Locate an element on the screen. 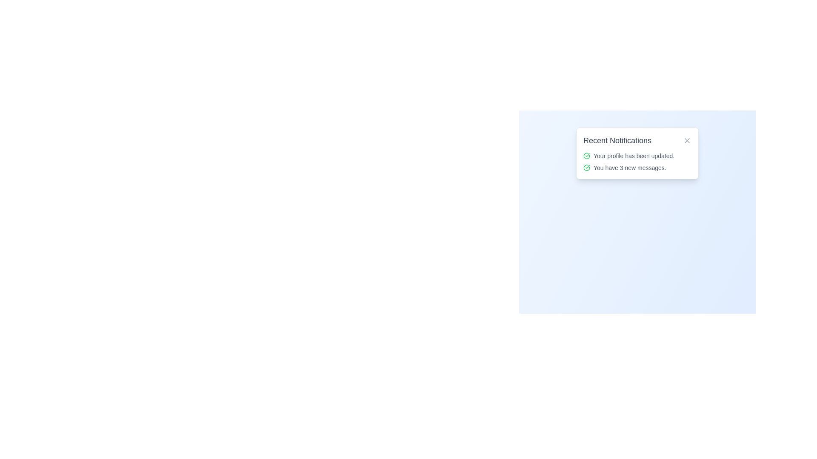 Image resolution: width=817 pixels, height=459 pixels. the close button located in the top-right corner of the 'Recent Notifications' panel to observe its hover effect is located at coordinates (687, 140).